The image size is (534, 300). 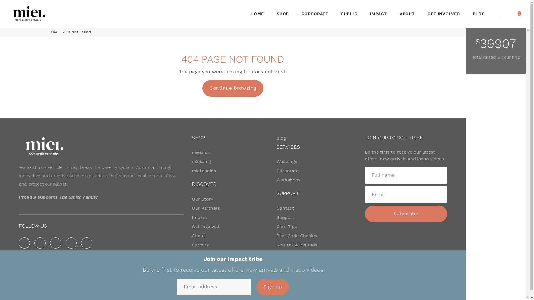 What do you see at coordinates (506, 13) in the screenshot?
I see `'Log In'` at bounding box center [506, 13].